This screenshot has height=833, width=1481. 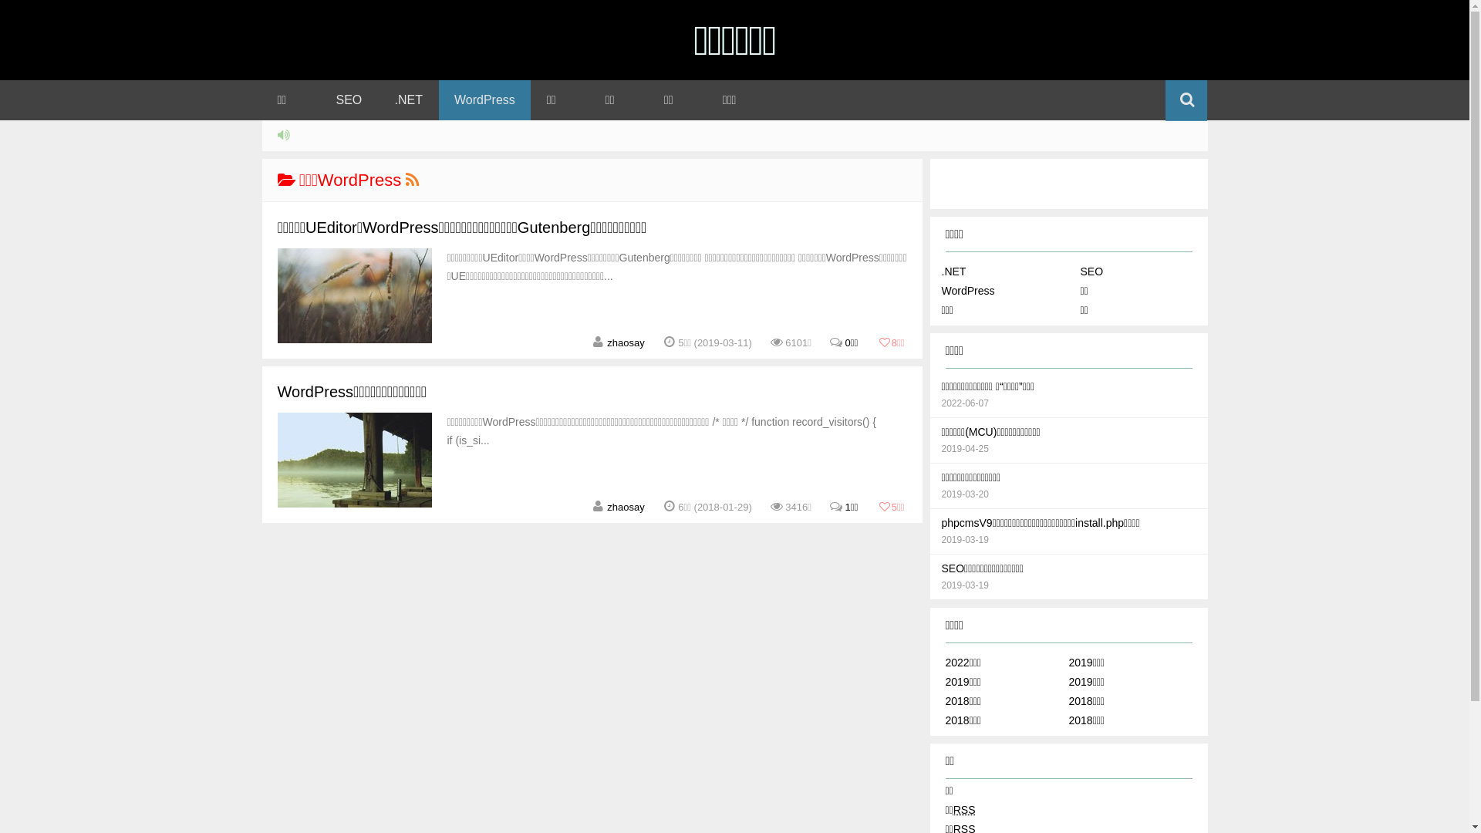 I want to click on '.NET', so click(x=408, y=100).